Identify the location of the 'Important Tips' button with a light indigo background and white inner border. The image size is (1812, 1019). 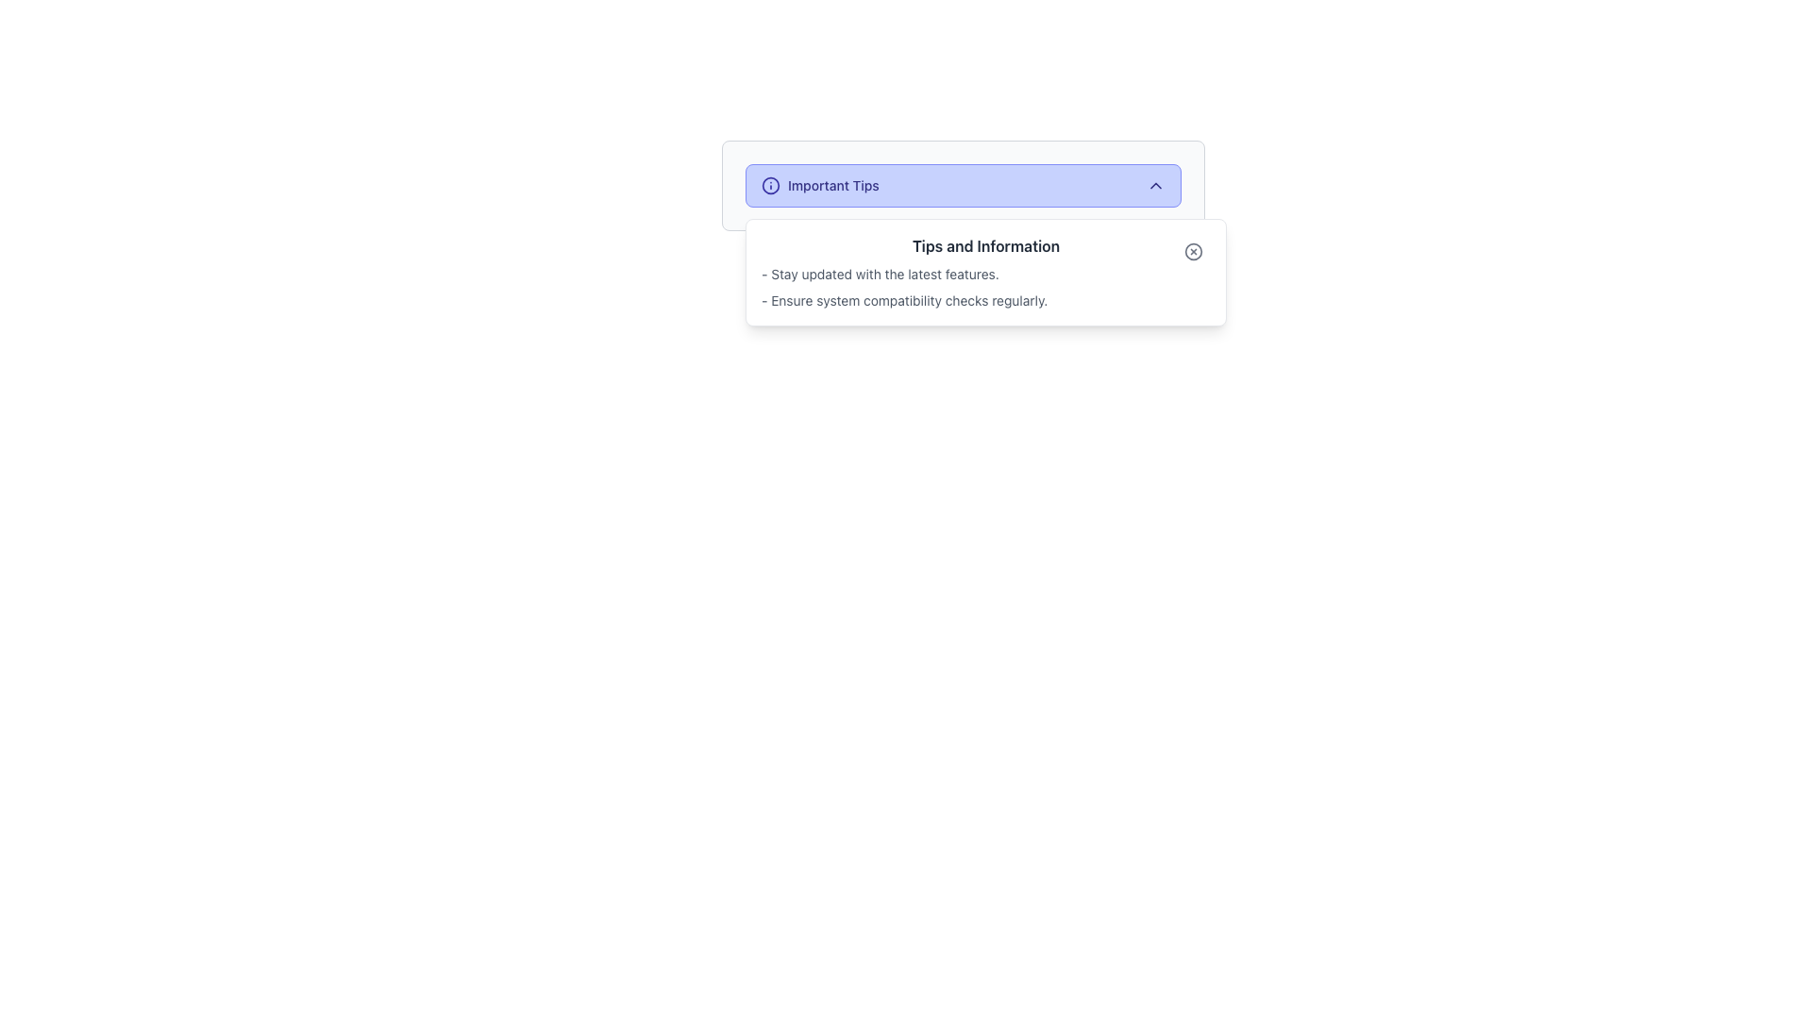
(964, 185).